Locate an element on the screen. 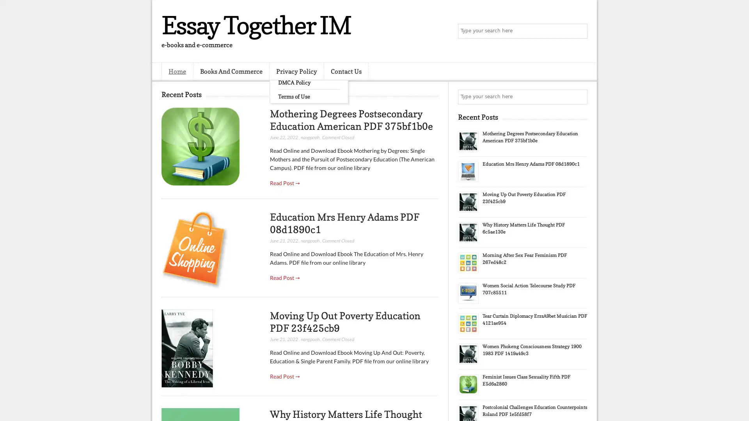 This screenshot has height=421, width=749. Search is located at coordinates (579, 31).